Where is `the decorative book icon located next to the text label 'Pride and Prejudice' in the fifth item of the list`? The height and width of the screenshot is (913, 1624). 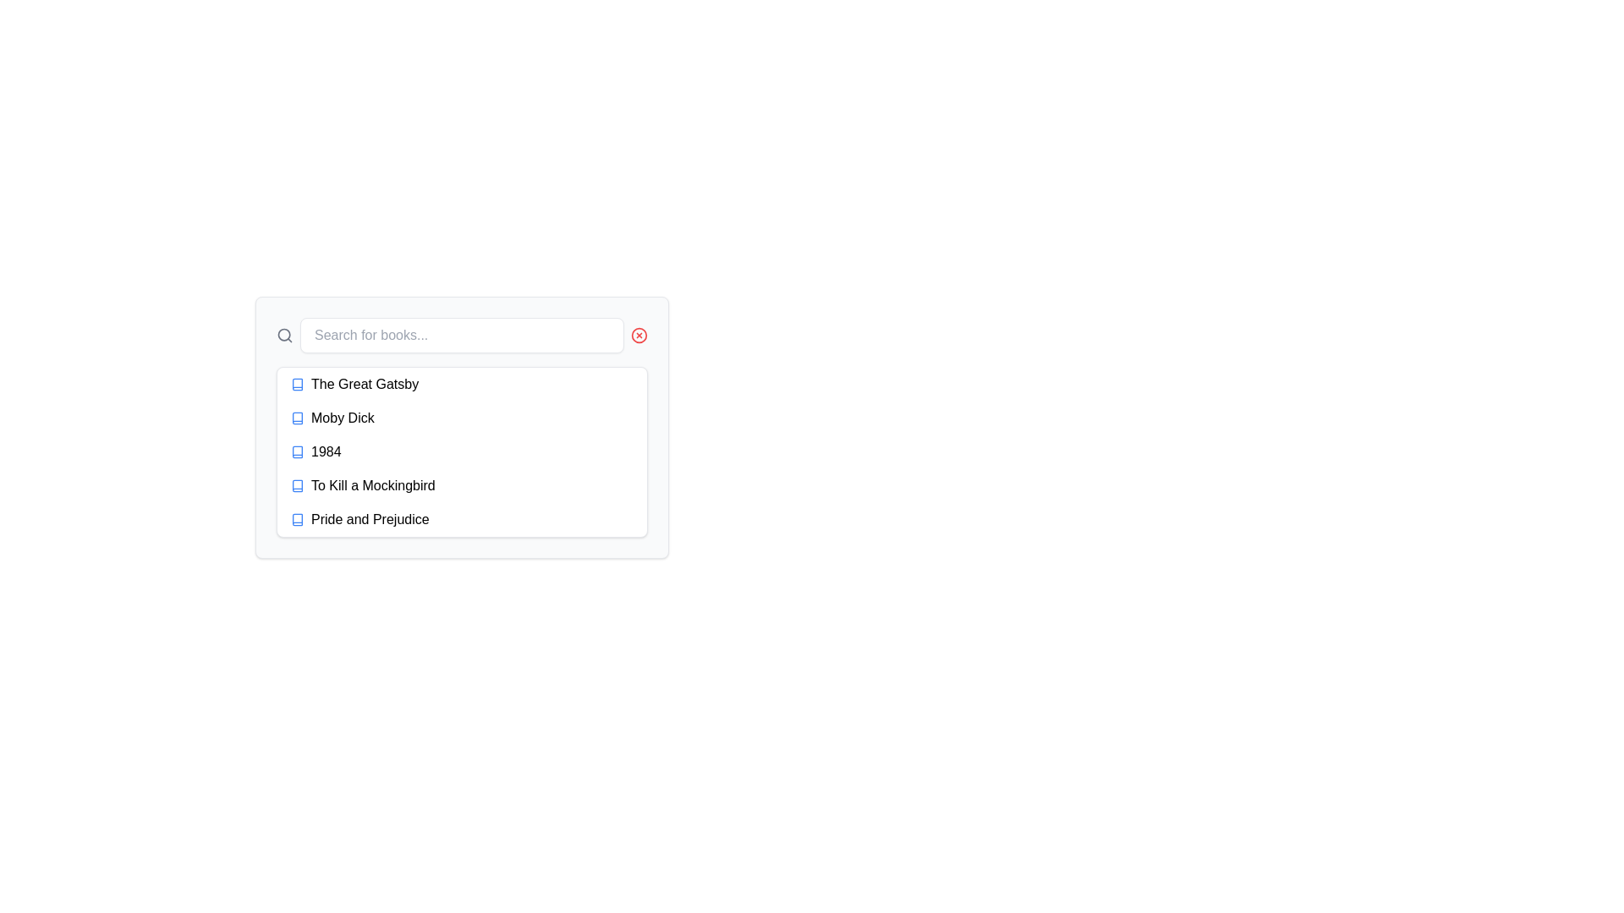 the decorative book icon located next to the text label 'Pride and Prejudice' in the fifth item of the list is located at coordinates (297, 518).